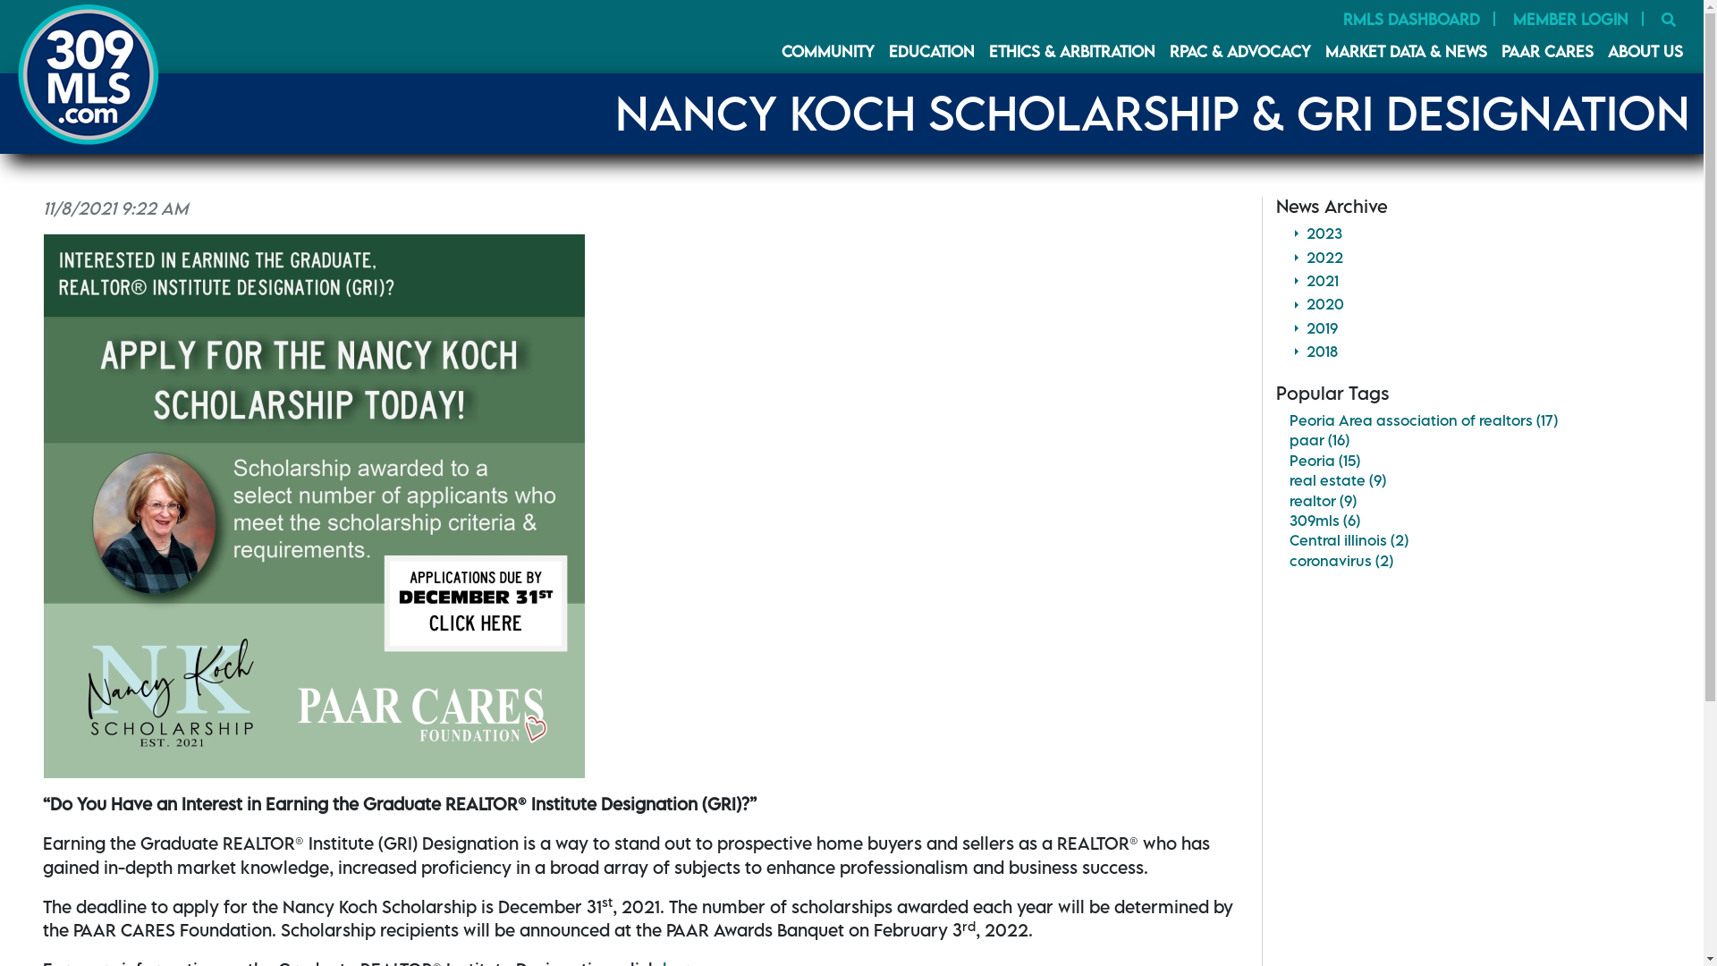  Describe the element at coordinates (1072, 50) in the screenshot. I see `'ETHICS & ARBITRATION'` at that location.